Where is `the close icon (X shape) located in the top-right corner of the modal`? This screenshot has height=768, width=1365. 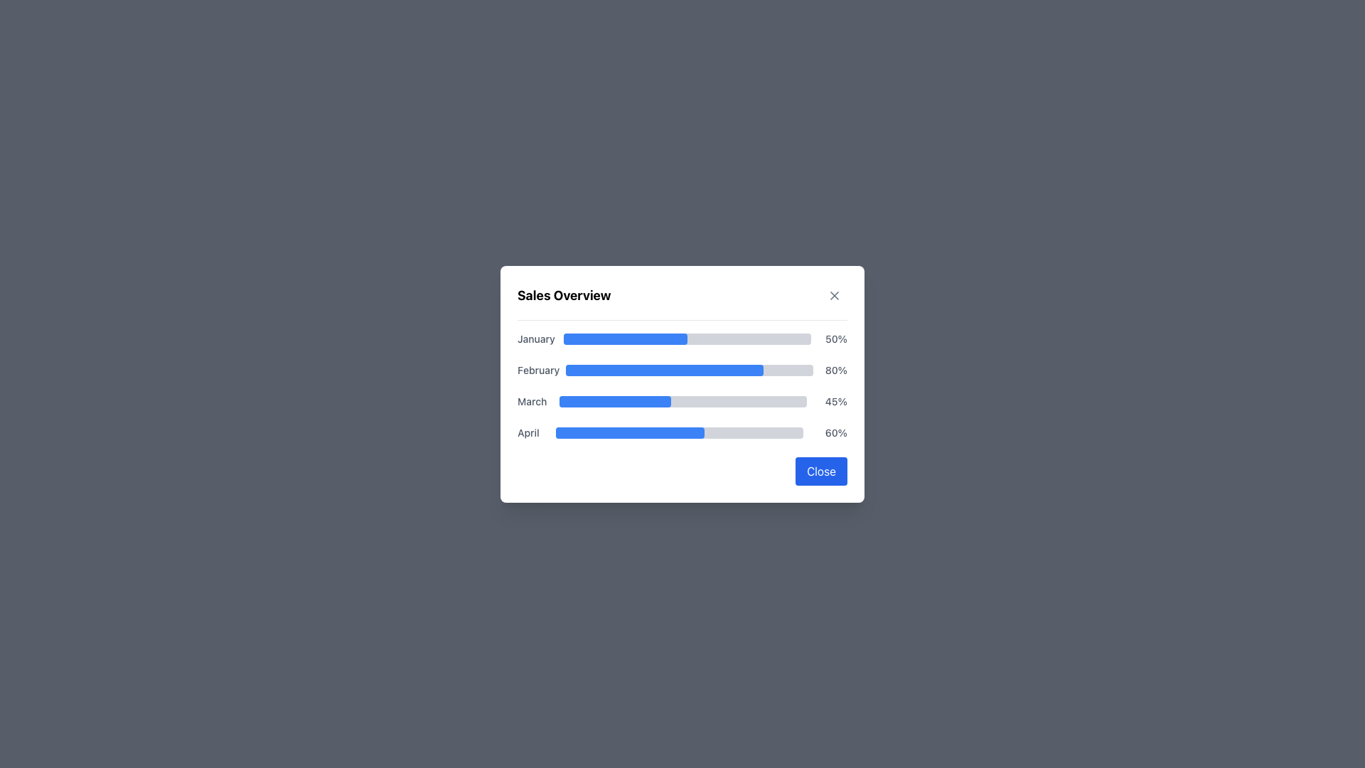 the close icon (X shape) located in the top-right corner of the modal is located at coordinates (835, 294).